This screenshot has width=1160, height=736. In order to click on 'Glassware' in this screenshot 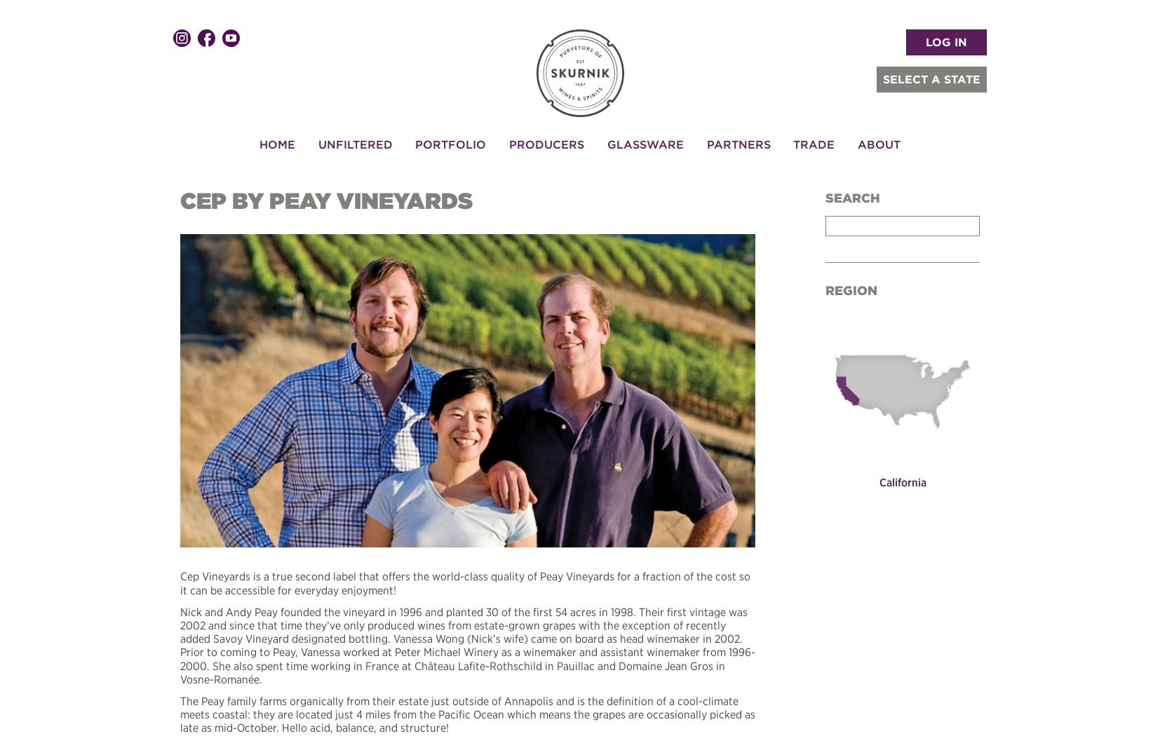, I will do `click(644, 142)`.